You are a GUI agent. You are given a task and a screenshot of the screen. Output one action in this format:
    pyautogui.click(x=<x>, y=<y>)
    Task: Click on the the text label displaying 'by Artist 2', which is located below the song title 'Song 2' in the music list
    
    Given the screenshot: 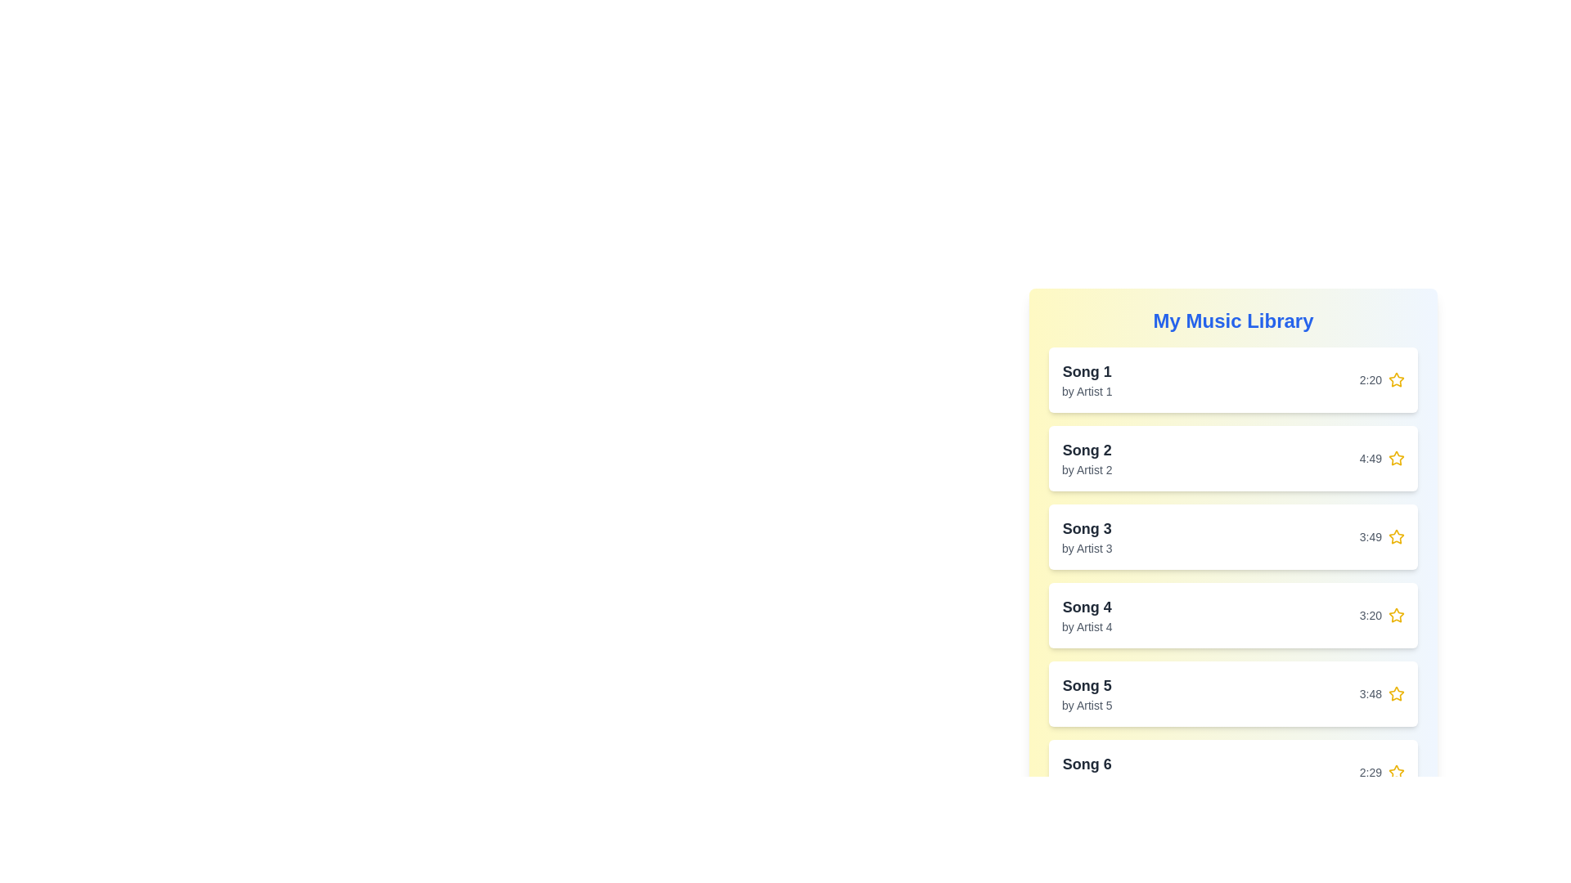 What is the action you would take?
    pyautogui.click(x=1087, y=469)
    